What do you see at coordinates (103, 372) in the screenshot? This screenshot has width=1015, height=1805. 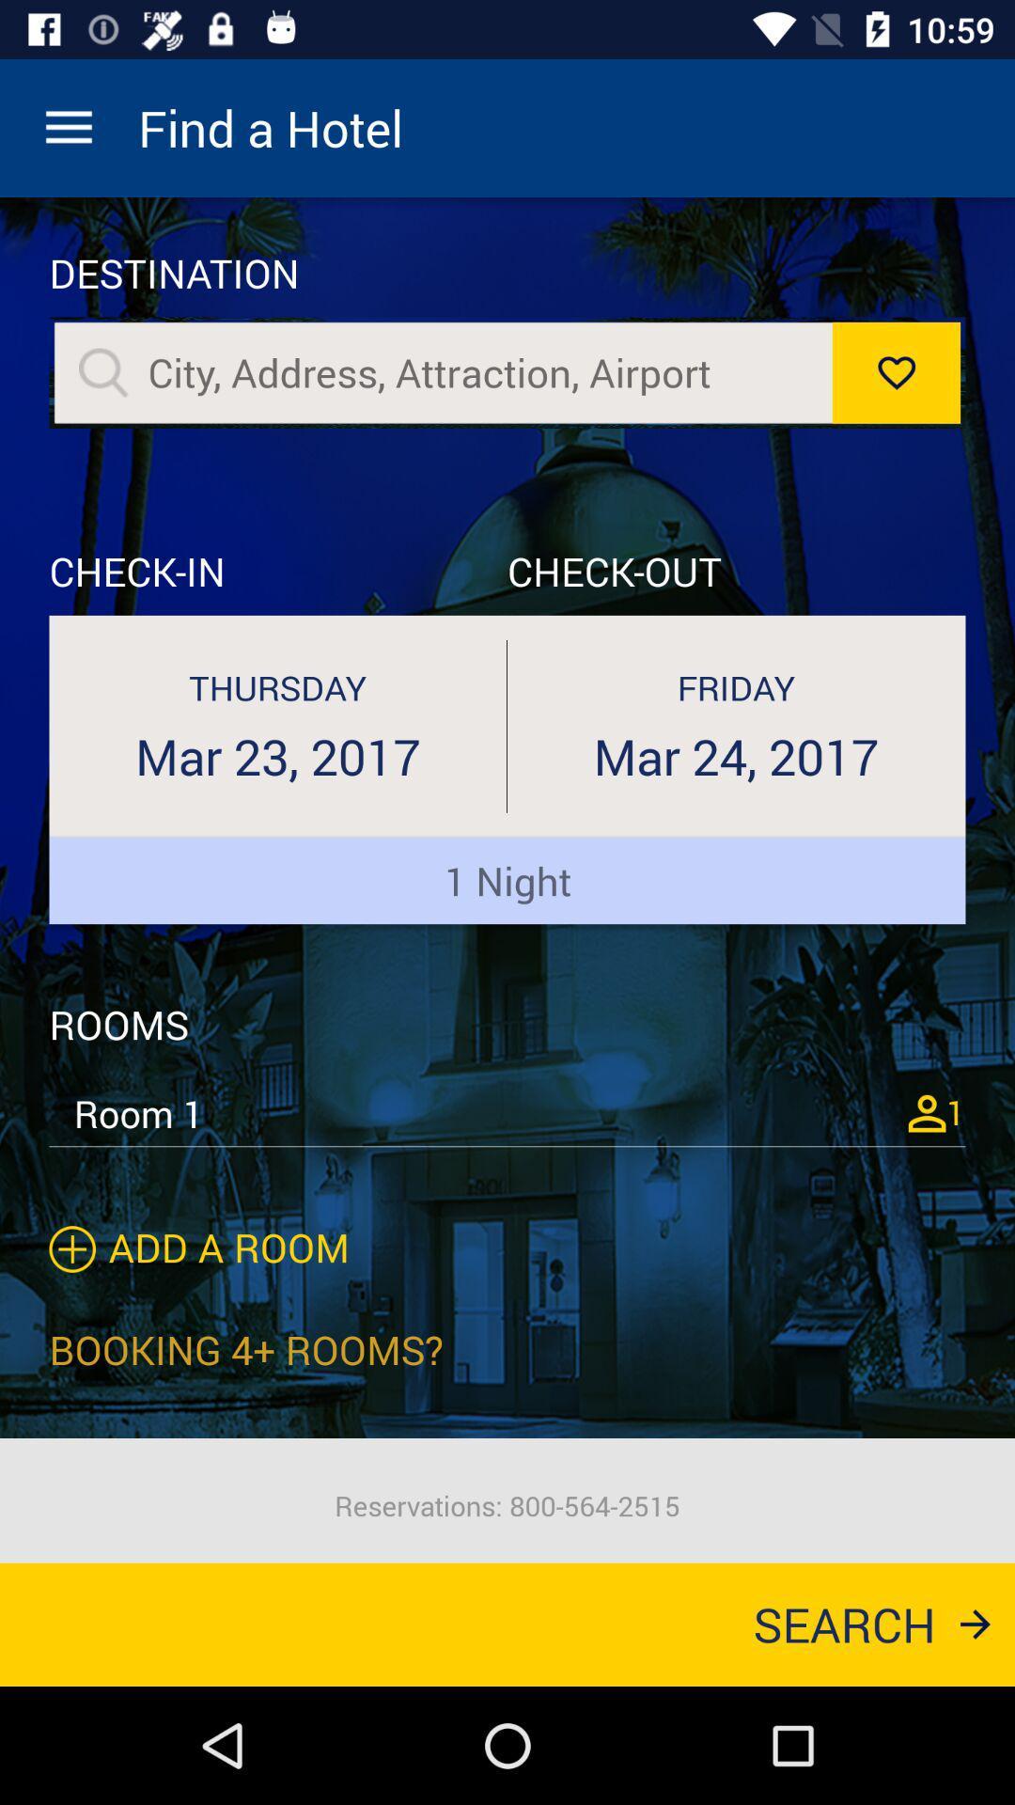 I see `search the destination` at bounding box center [103, 372].